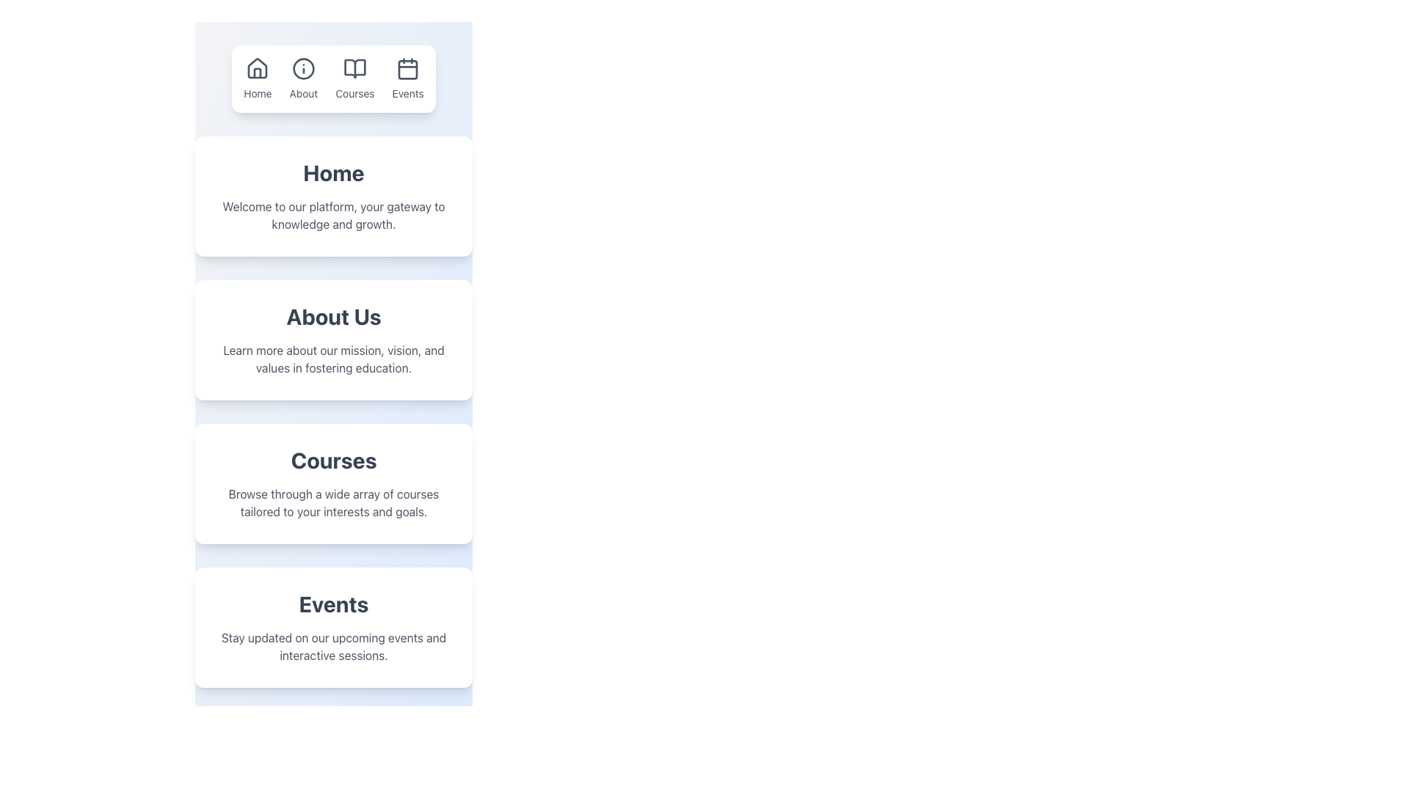  I want to click on the descriptive label for the navigation item 'Home', so click(258, 93).